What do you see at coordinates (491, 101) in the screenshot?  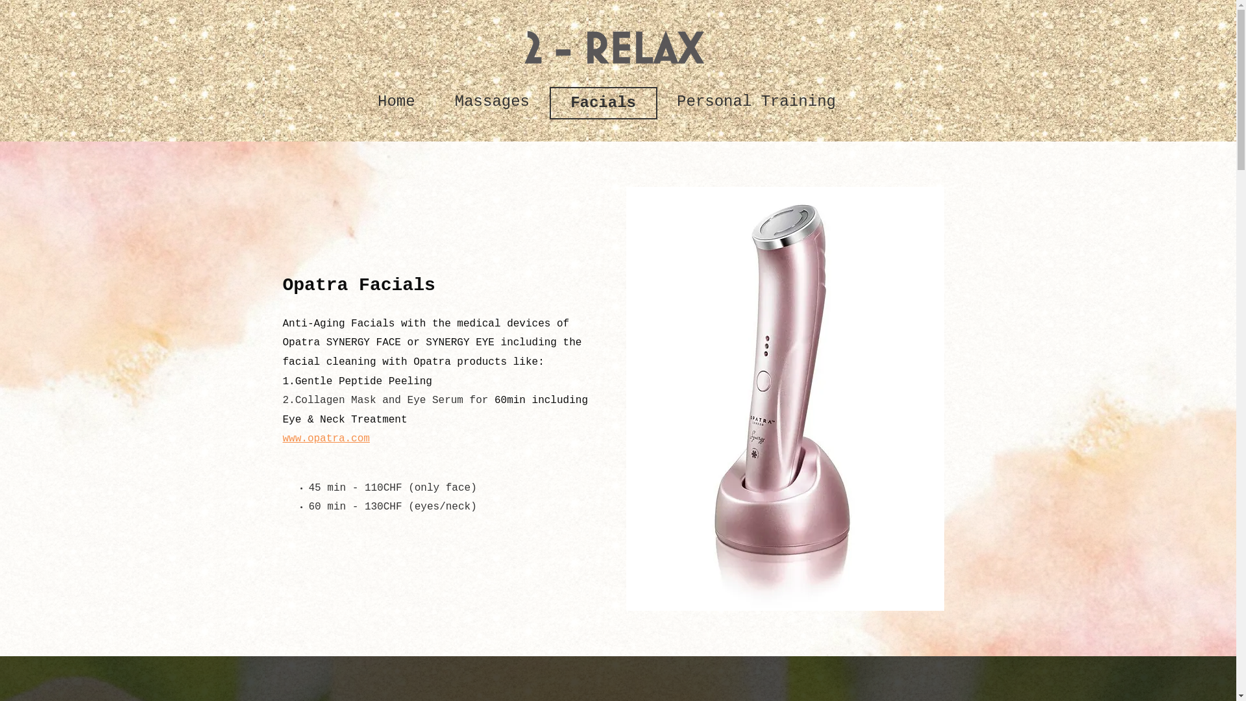 I see `'Massages'` at bounding box center [491, 101].